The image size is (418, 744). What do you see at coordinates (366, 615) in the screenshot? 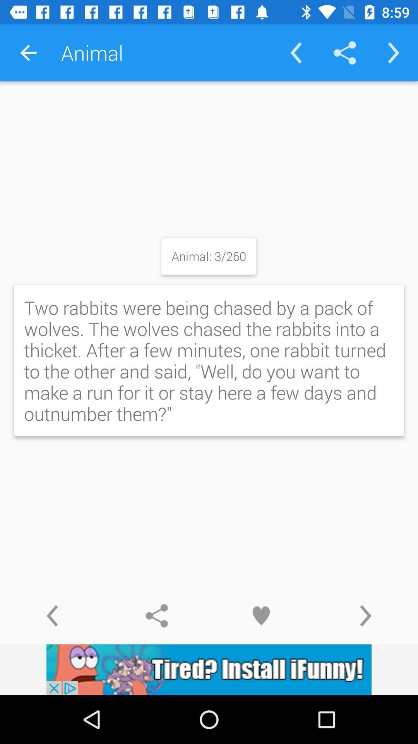
I see `the weather icon` at bounding box center [366, 615].